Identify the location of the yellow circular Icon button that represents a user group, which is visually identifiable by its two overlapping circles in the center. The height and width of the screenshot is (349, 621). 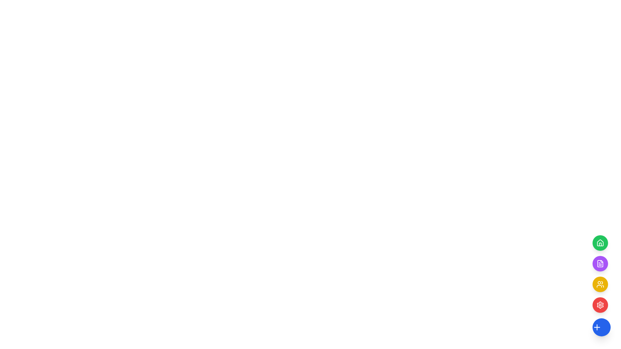
(600, 284).